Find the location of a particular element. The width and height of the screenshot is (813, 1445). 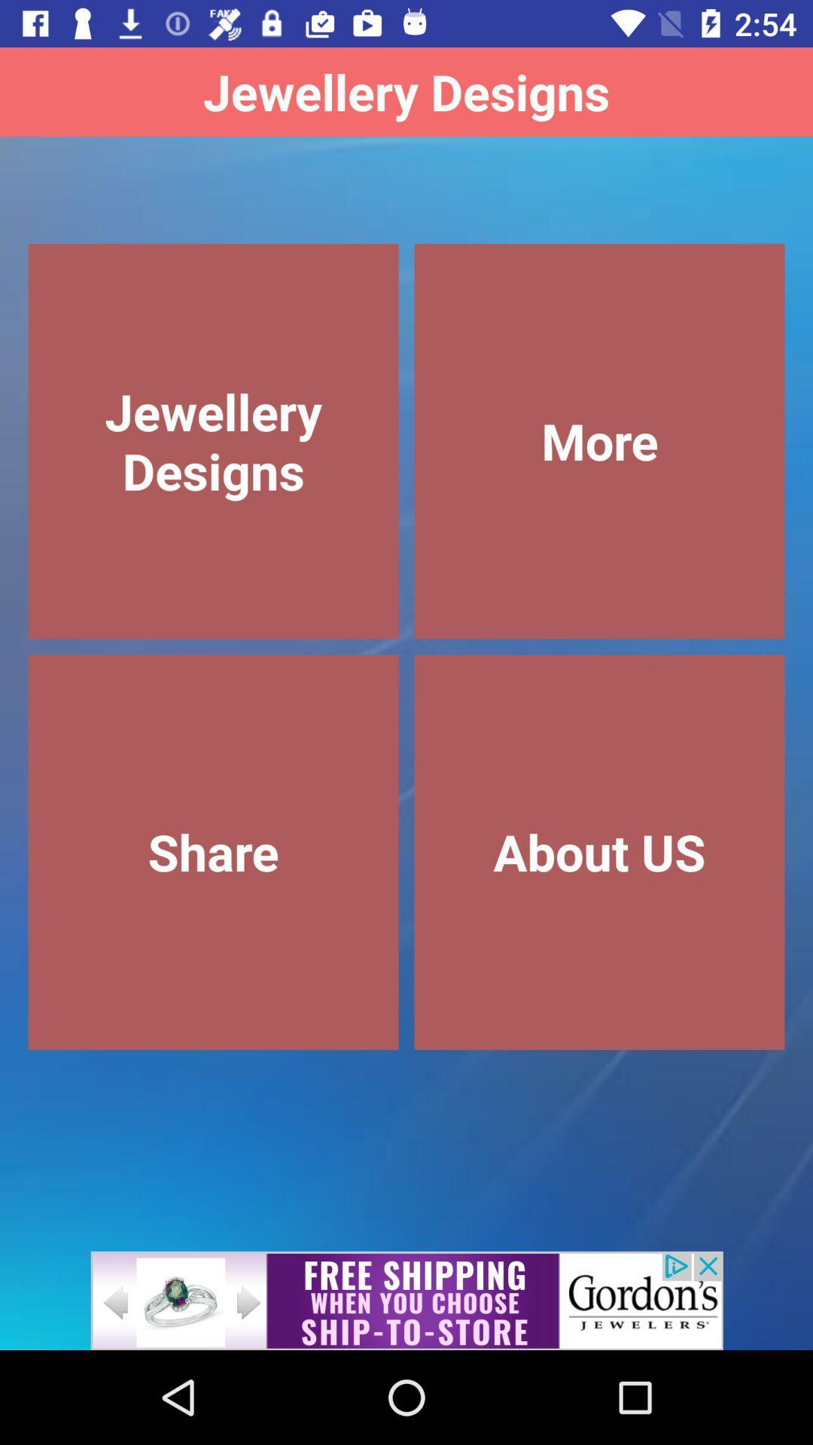

advertisement link is located at coordinates (406, 1300).